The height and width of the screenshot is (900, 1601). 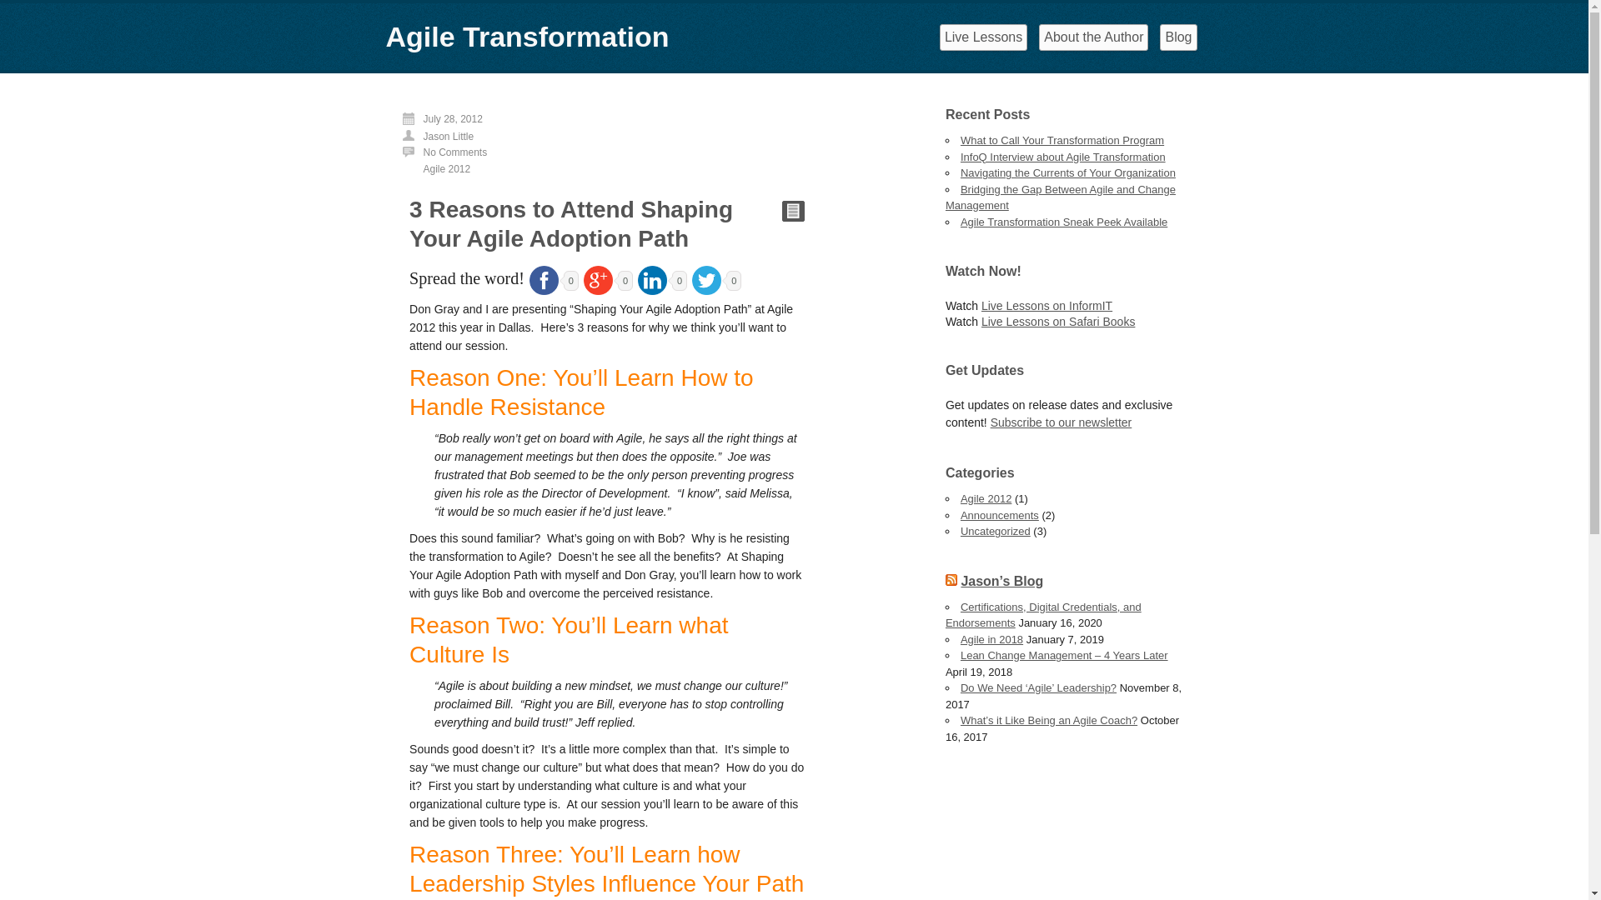 What do you see at coordinates (424, 136) in the screenshot?
I see `'Jason Little'` at bounding box center [424, 136].